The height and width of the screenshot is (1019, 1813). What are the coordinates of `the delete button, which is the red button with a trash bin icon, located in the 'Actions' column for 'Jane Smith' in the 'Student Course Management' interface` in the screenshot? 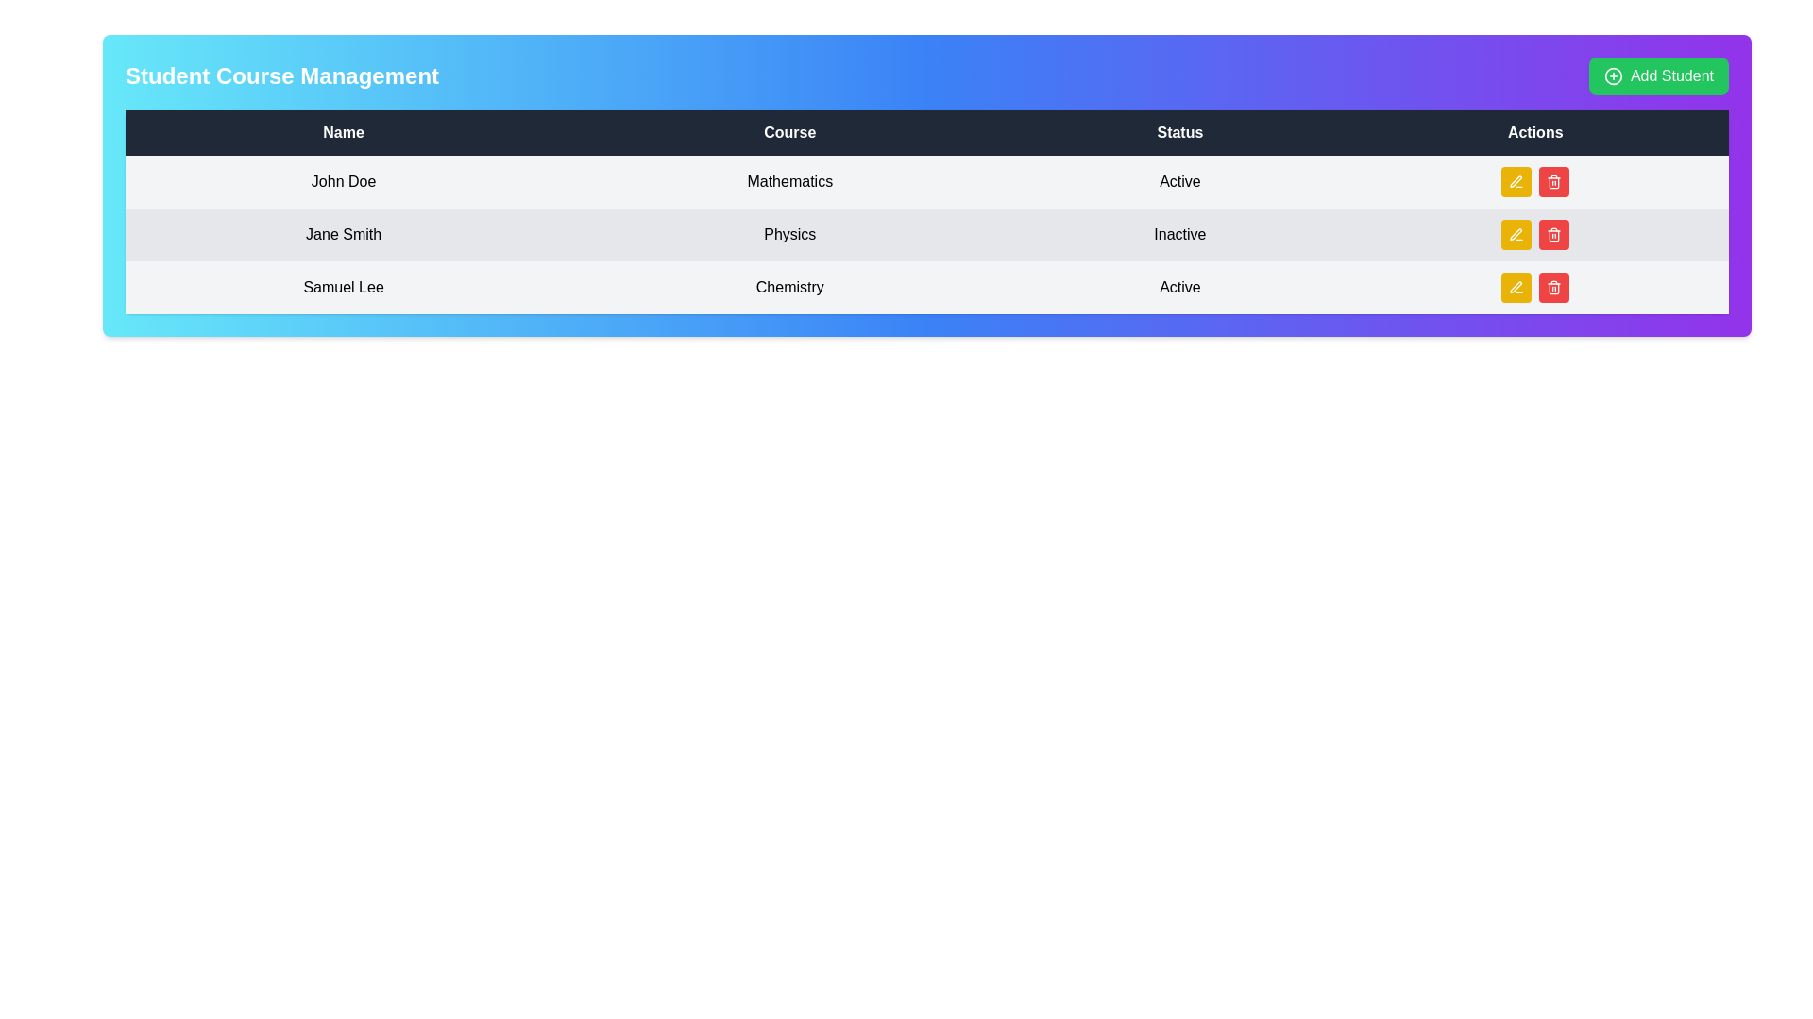 It's located at (1535, 234).